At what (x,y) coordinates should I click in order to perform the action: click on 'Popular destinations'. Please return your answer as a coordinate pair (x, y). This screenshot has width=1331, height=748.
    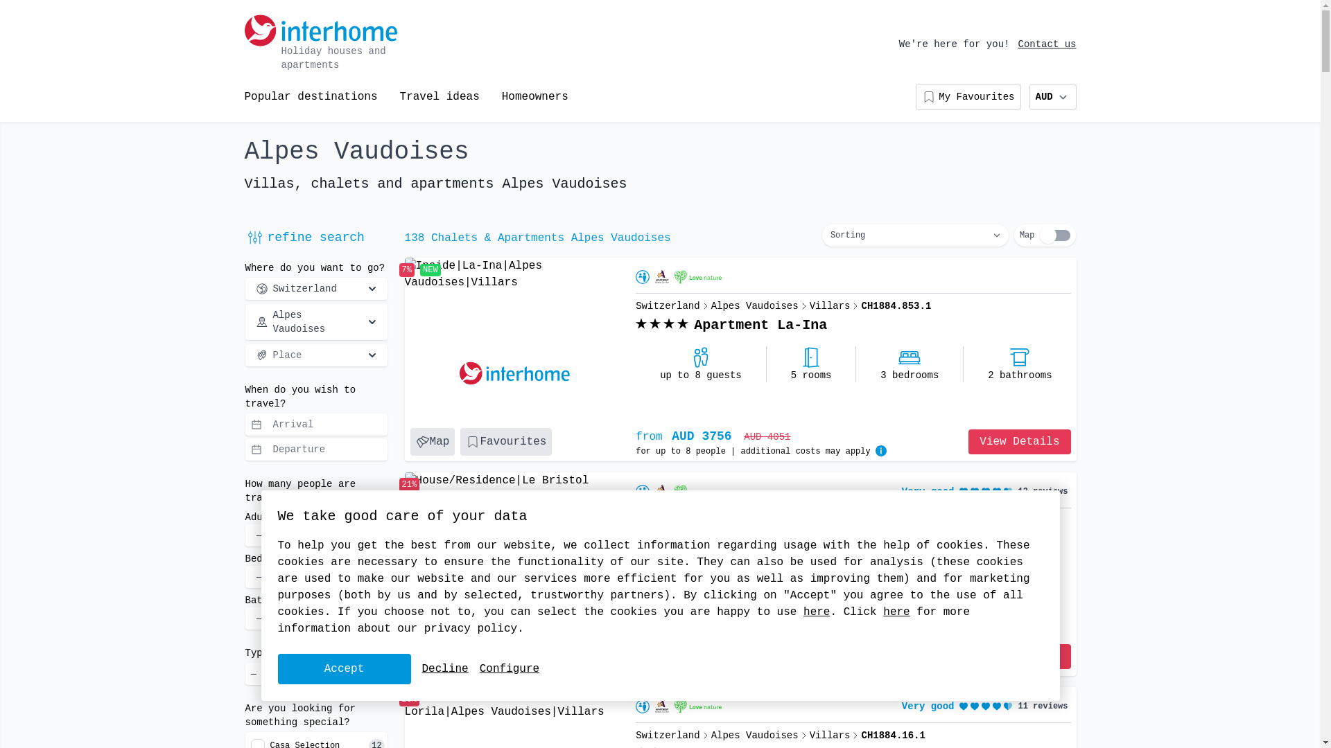
    Looking at the image, I should click on (309, 96).